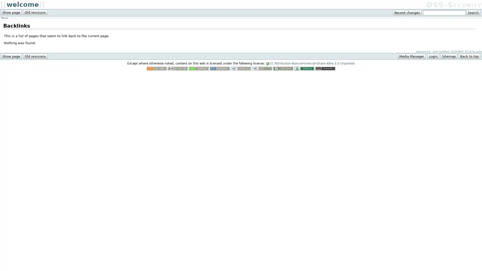 The width and height of the screenshot is (482, 271). What do you see at coordinates (11, 56) in the screenshot?
I see `Show page` at bounding box center [11, 56].